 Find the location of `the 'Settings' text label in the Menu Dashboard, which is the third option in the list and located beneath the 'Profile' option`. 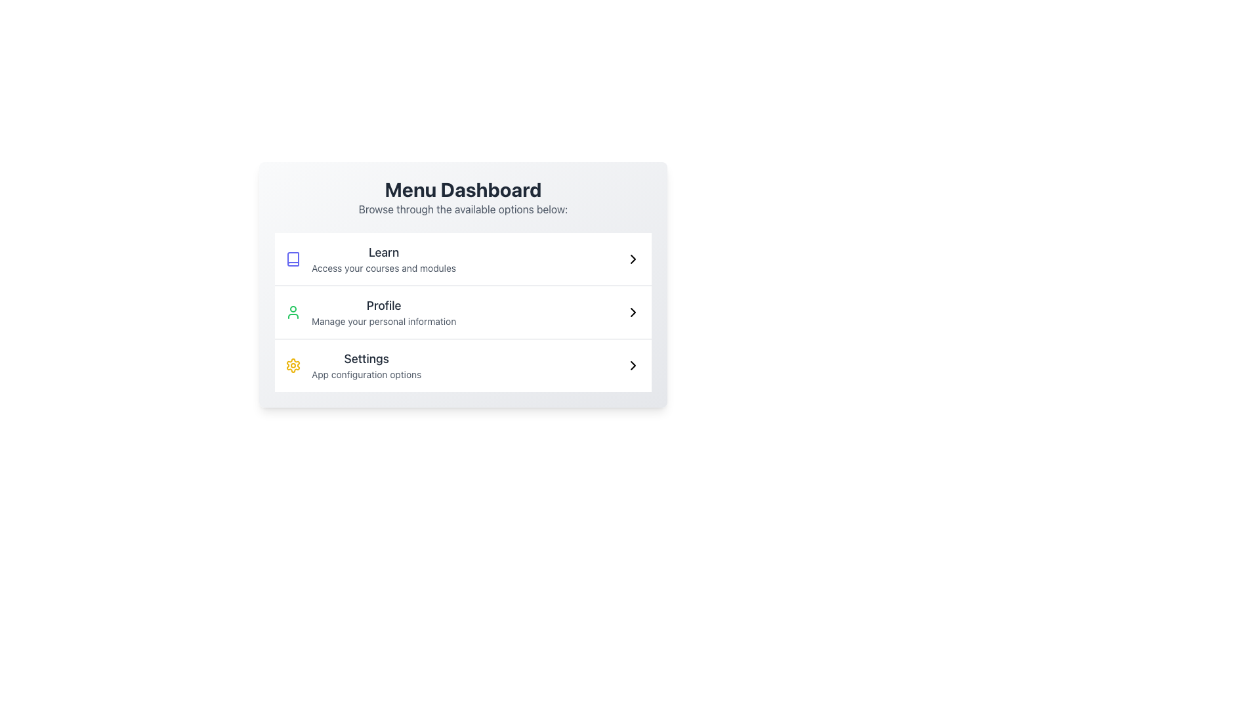

the 'Settings' text label in the Menu Dashboard, which is the third option in the list and located beneath the 'Profile' option is located at coordinates (366, 365).